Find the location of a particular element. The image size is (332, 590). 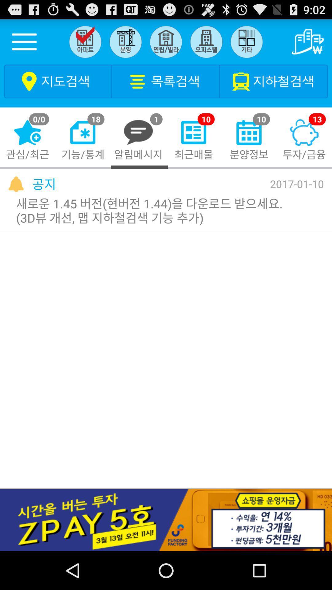

2017-01-10 is located at coordinates (296, 183).